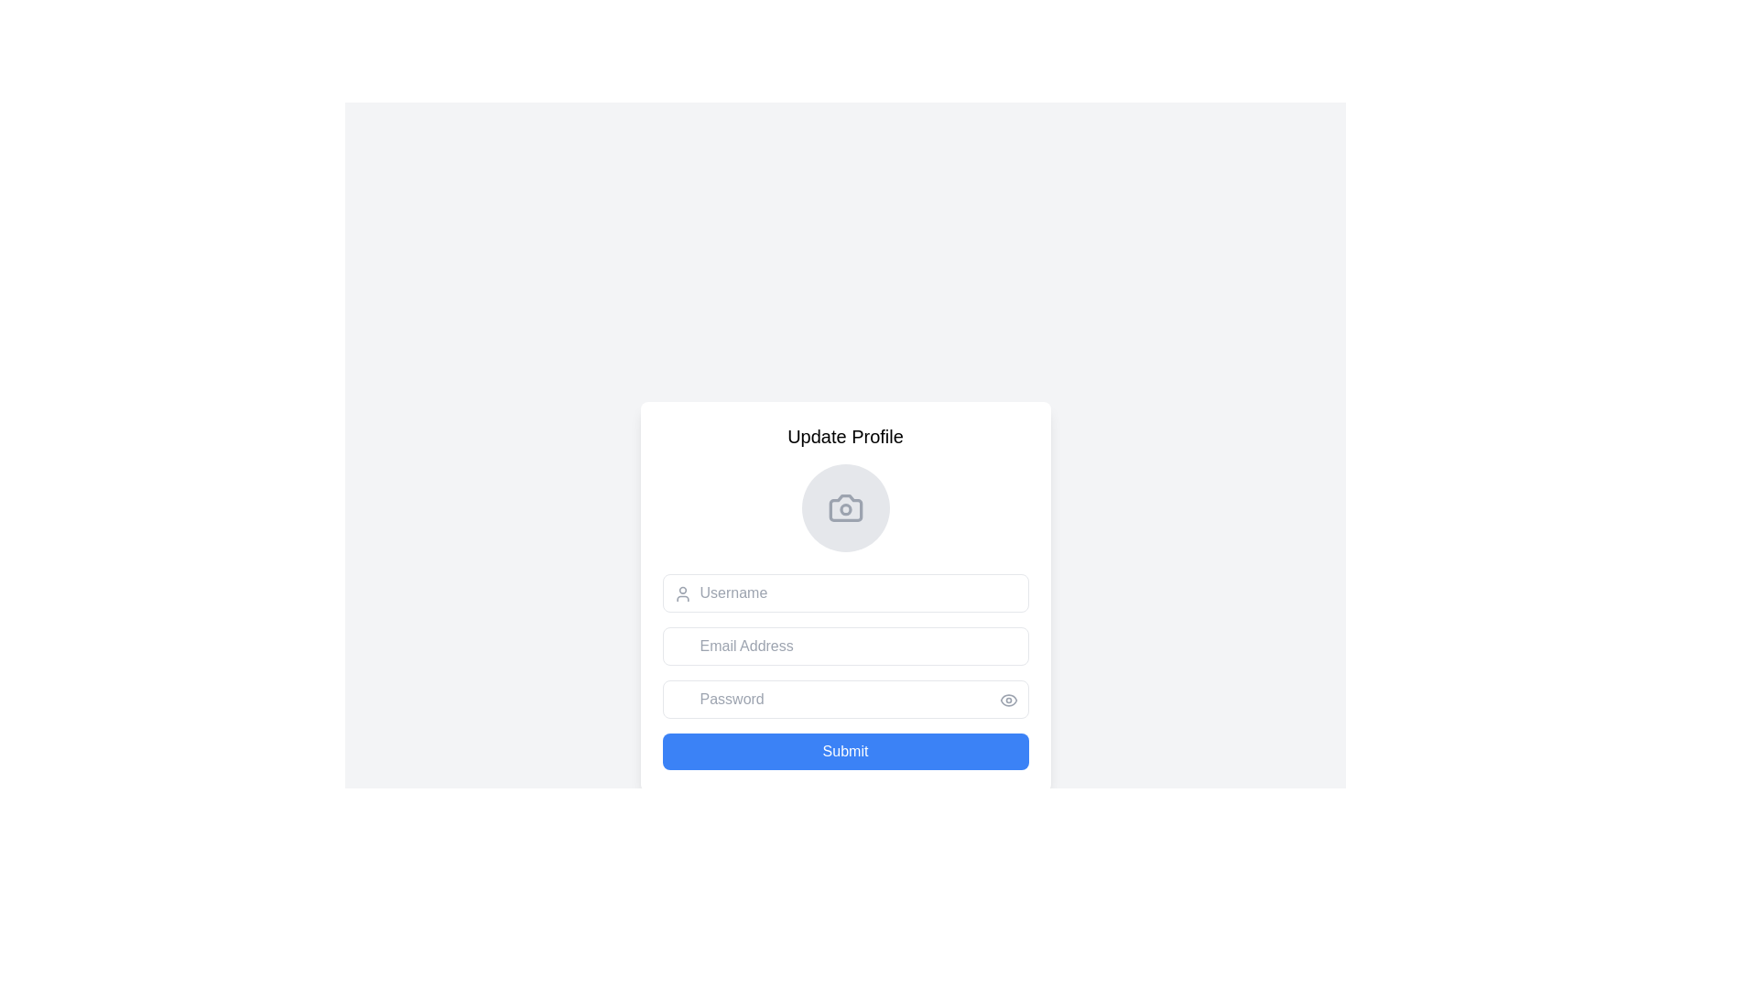 This screenshot has height=989, width=1758. Describe the element at coordinates (844, 645) in the screenshot. I see `the email input field located between the 'Username' field and the 'Password' field to focus on it for input` at that location.